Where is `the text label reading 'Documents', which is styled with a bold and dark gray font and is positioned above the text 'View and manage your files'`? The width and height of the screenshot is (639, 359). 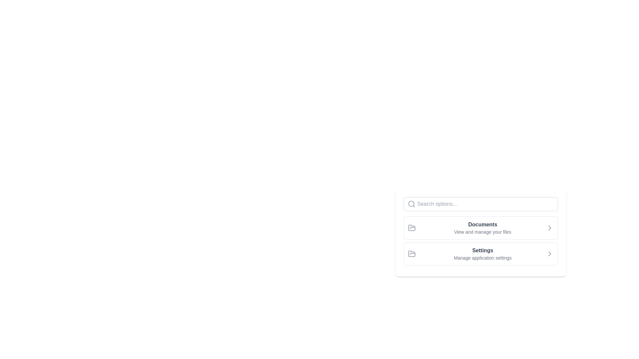 the text label reading 'Documents', which is styled with a bold and dark gray font and is positioned above the text 'View and manage your files' is located at coordinates (483, 224).